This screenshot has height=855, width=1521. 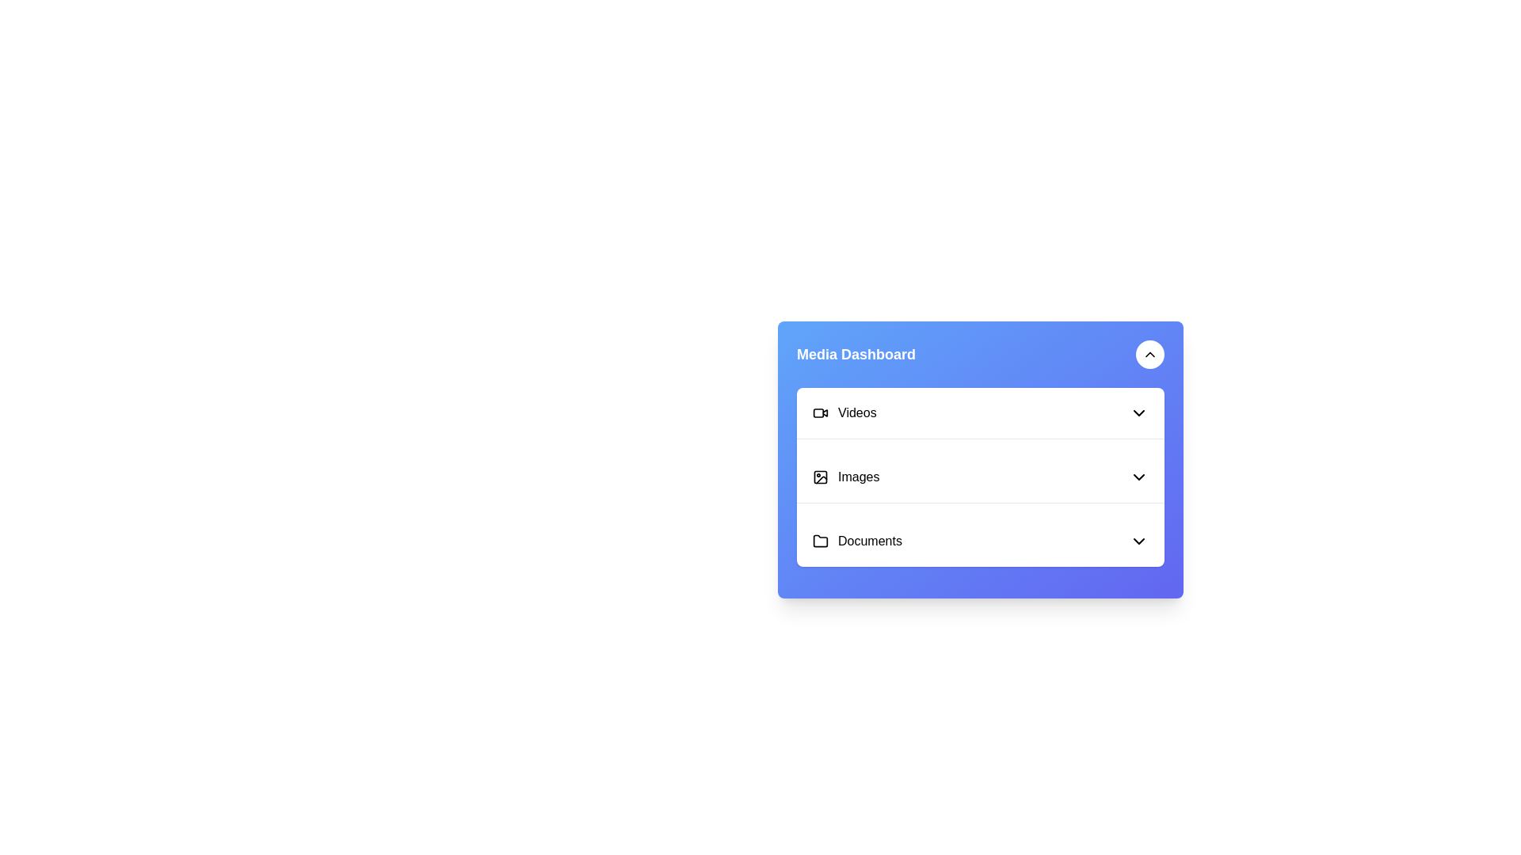 What do you see at coordinates (1149, 353) in the screenshot?
I see `the chevron-up icon located at the center of the circular button in the top-right corner of the blue 'Media Dashboard' card` at bounding box center [1149, 353].